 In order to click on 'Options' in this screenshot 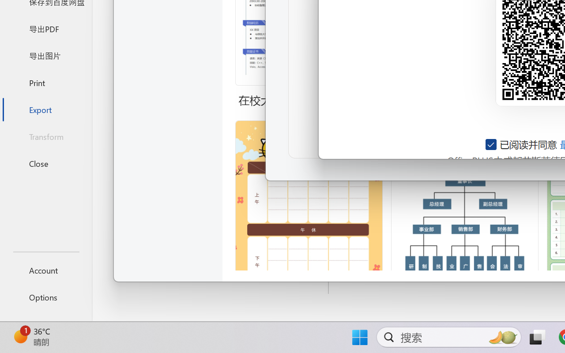, I will do `click(45, 297)`.